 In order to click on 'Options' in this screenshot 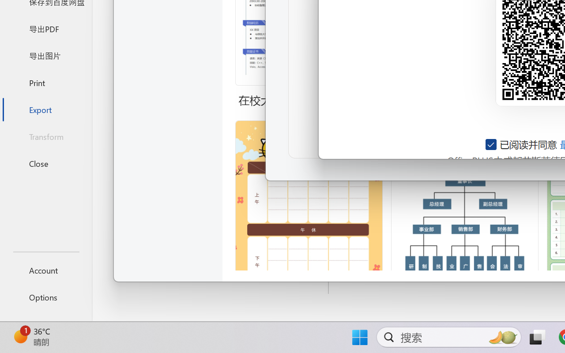, I will do `click(45, 297)`.